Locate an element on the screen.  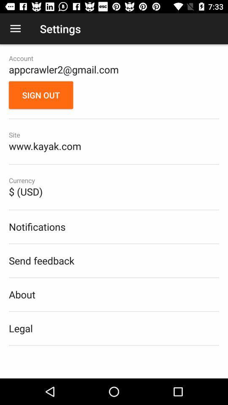
the sign out is located at coordinates (41, 95).